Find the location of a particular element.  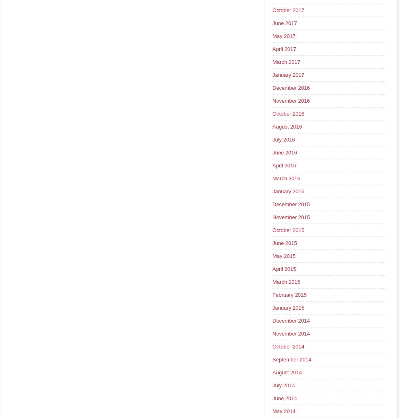

'January 2017' is located at coordinates (287, 75).